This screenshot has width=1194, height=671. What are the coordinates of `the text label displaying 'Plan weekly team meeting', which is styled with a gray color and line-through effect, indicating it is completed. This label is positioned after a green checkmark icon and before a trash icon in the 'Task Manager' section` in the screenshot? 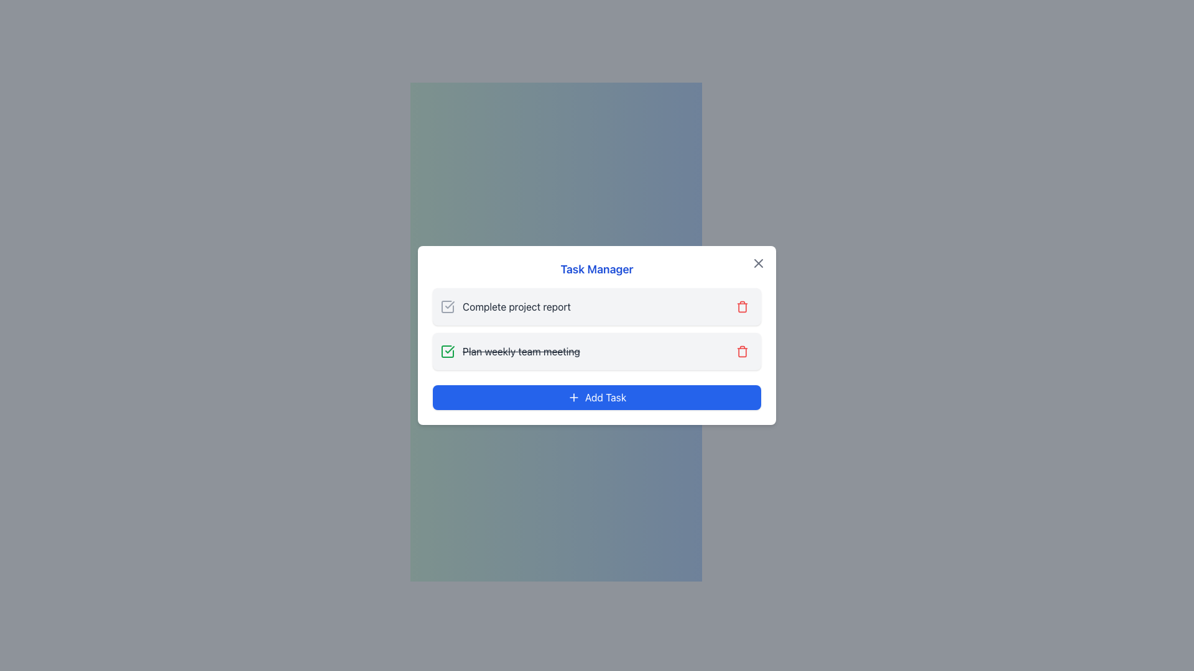 It's located at (521, 352).